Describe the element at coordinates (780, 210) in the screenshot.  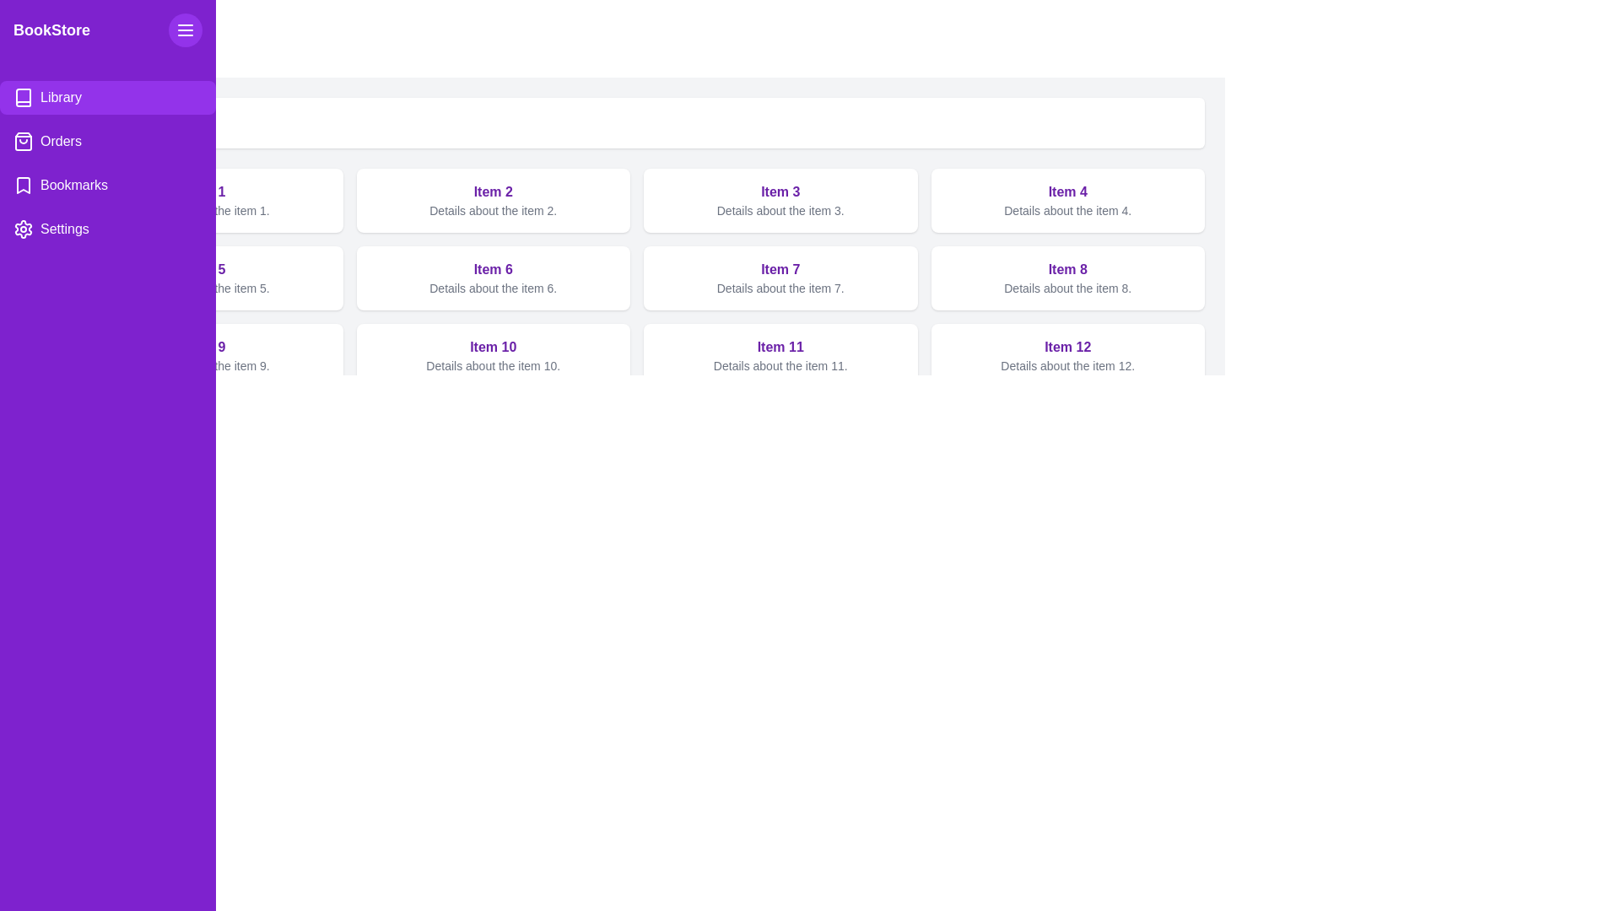
I see `the non-interactive text label providing information for 'Item 3' located in the second row, third column of the grid layout` at that location.